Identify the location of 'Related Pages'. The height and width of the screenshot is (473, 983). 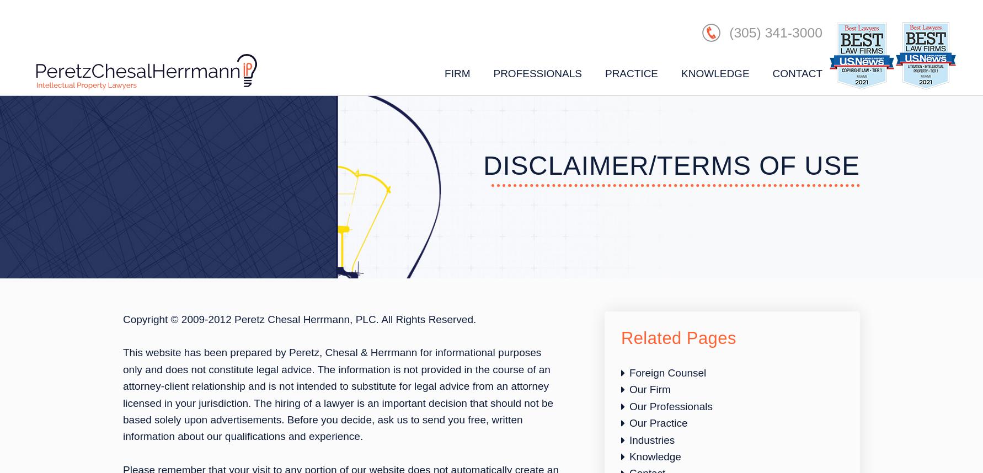
(677, 338).